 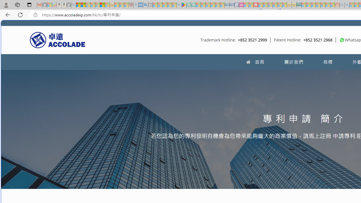 I want to click on 'Bluey: Let', so click(x=184, y=5).